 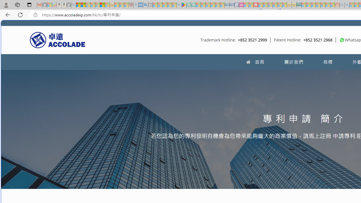 I want to click on 'Bluey: Let', so click(x=184, y=5).